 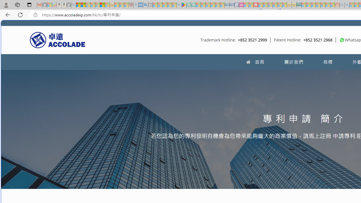 I want to click on 'Bluey: Let', so click(x=184, y=5).